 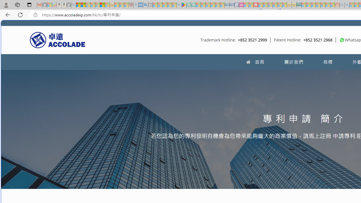 I want to click on 'Bluey: Let', so click(x=184, y=5).